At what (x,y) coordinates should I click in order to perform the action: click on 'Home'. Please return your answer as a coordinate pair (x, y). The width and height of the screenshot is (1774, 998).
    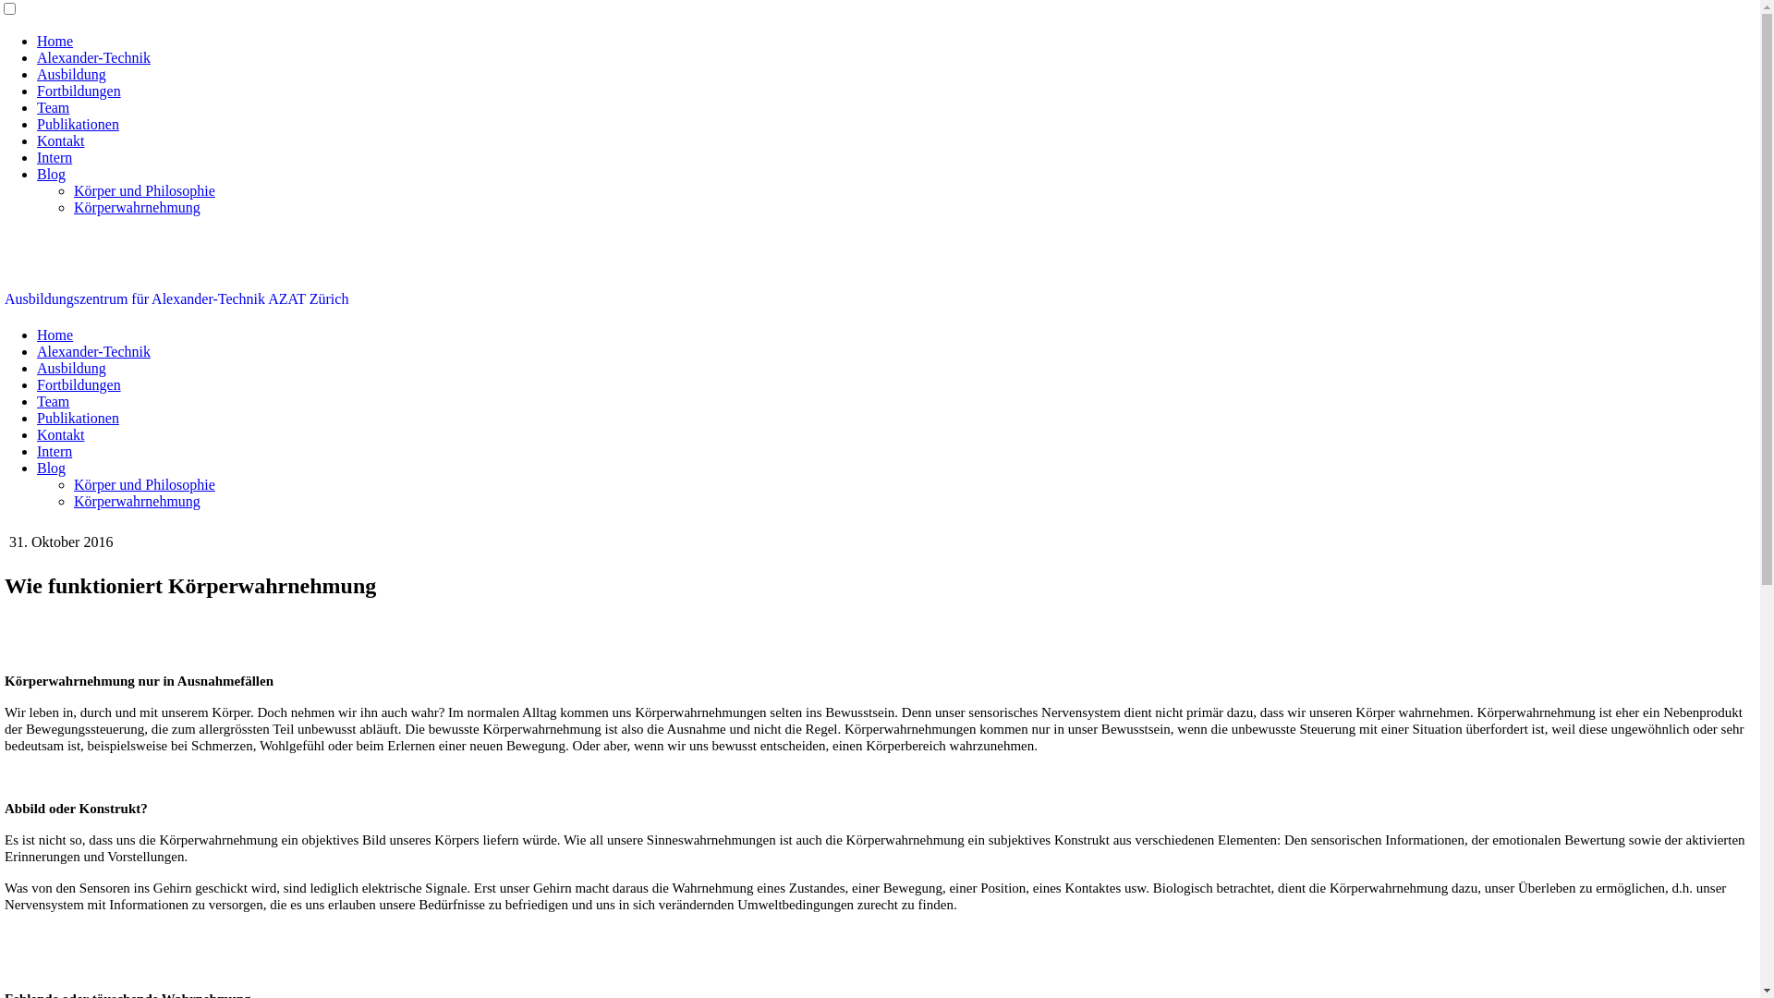
    Looking at the image, I should click on (55, 335).